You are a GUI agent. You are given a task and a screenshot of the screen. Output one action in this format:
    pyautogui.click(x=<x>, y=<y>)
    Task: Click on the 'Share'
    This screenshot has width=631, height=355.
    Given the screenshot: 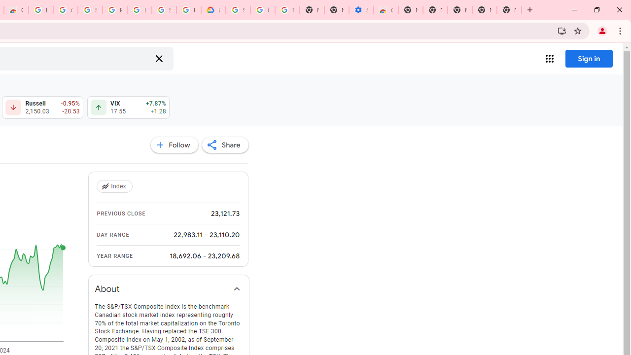 What is the action you would take?
    pyautogui.click(x=224, y=145)
    